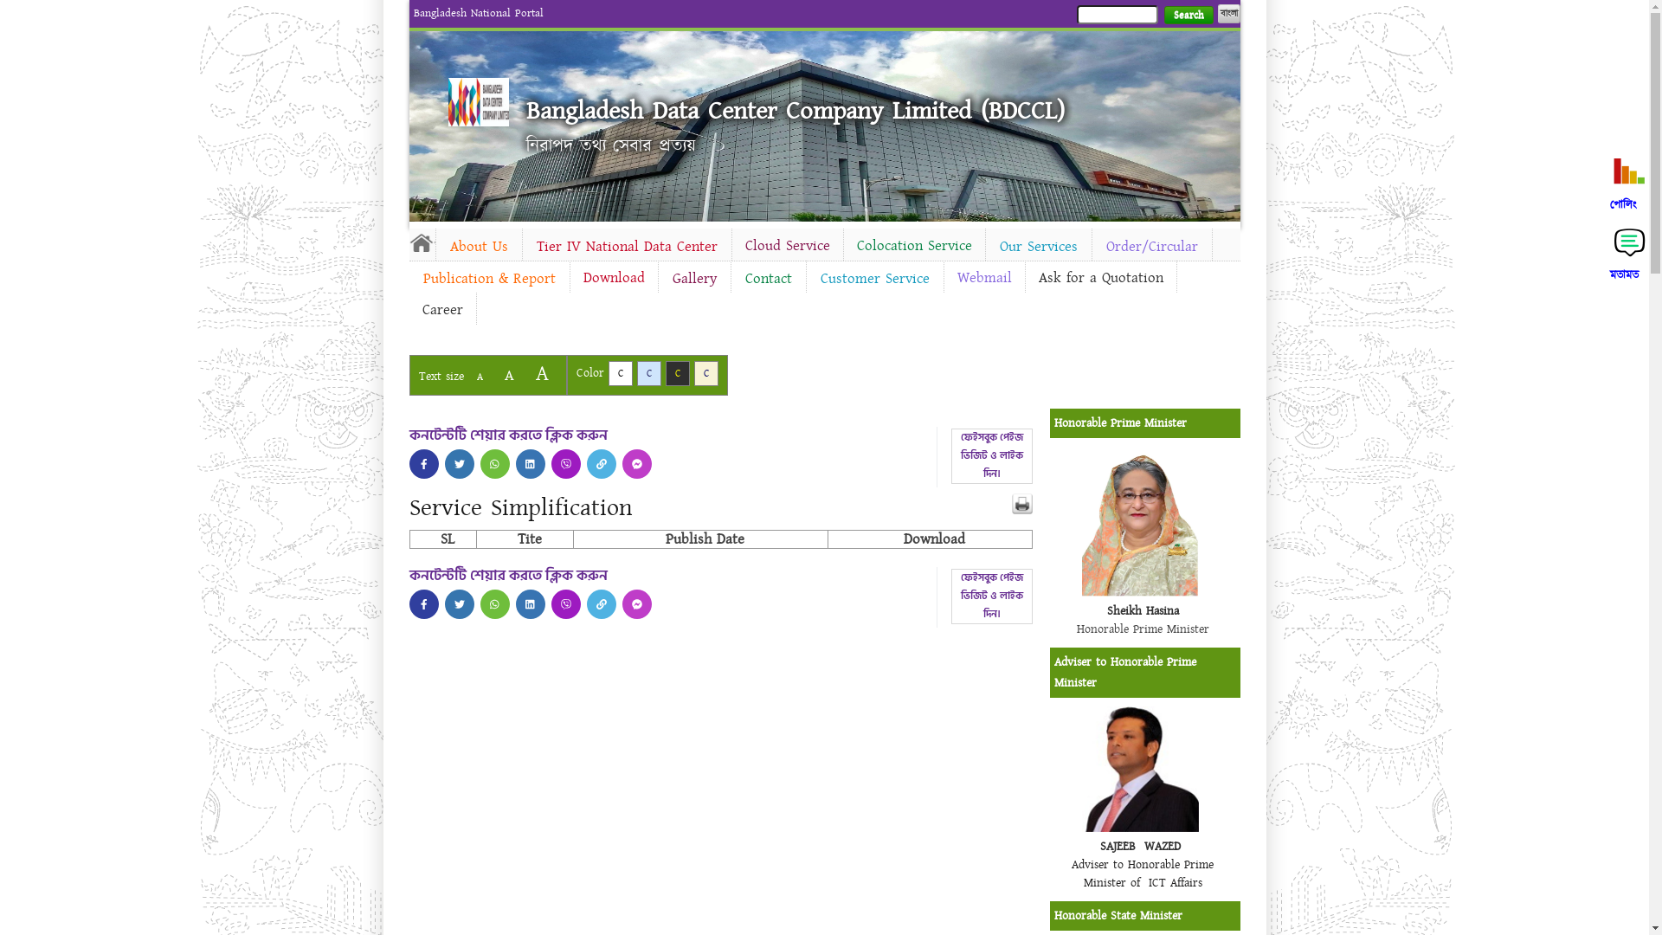 Image resolution: width=1662 pixels, height=935 pixels. What do you see at coordinates (676, 372) in the screenshot?
I see `'C'` at bounding box center [676, 372].